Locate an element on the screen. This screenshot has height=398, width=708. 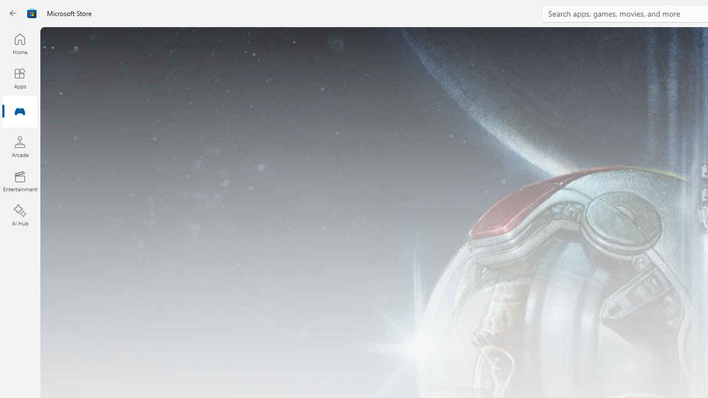
'Apps' is located at coordinates (19, 77).